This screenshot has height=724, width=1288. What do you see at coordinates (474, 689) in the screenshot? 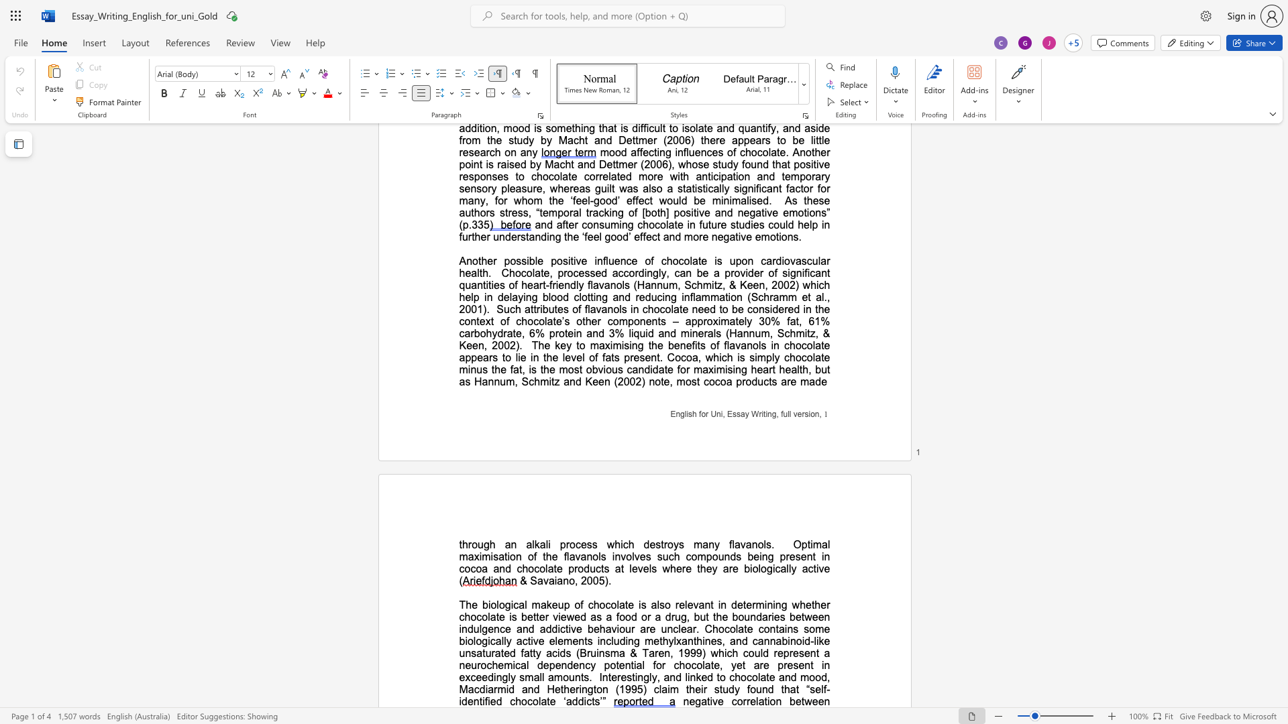
I see `the space between the continuous character "a" and "c" in the text` at bounding box center [474, 689].